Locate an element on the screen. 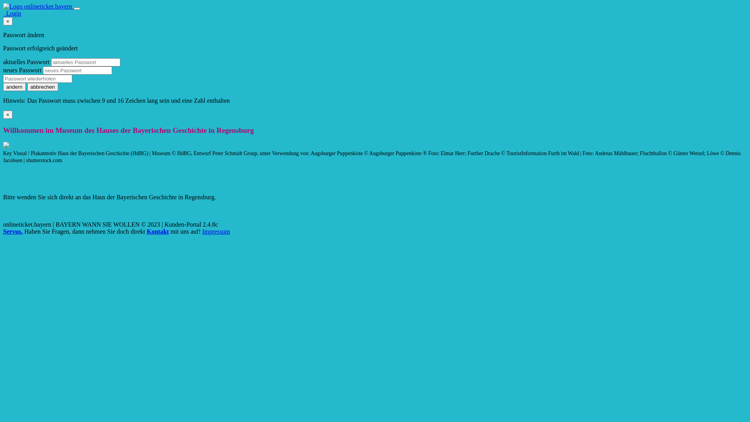 This screenshot has height=422, width=750. 'andern' is located at coordinates (14, 87).